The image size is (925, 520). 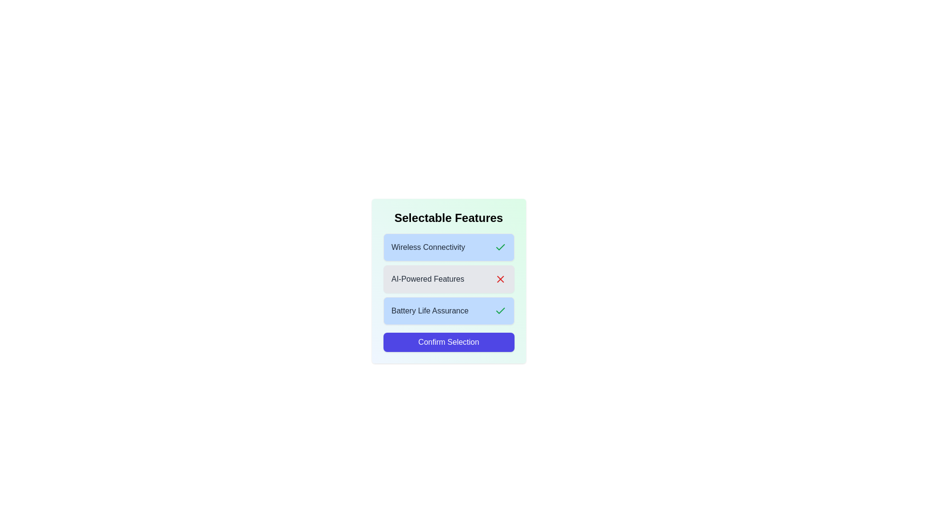 What do you see at coordinates (448, 279) in the screenshot?
I see `the selectable list item labeled 'AI-Powered Features' which has a dismiss action represented by a red 'X' icon on the right` at bounding box center [448, 279].